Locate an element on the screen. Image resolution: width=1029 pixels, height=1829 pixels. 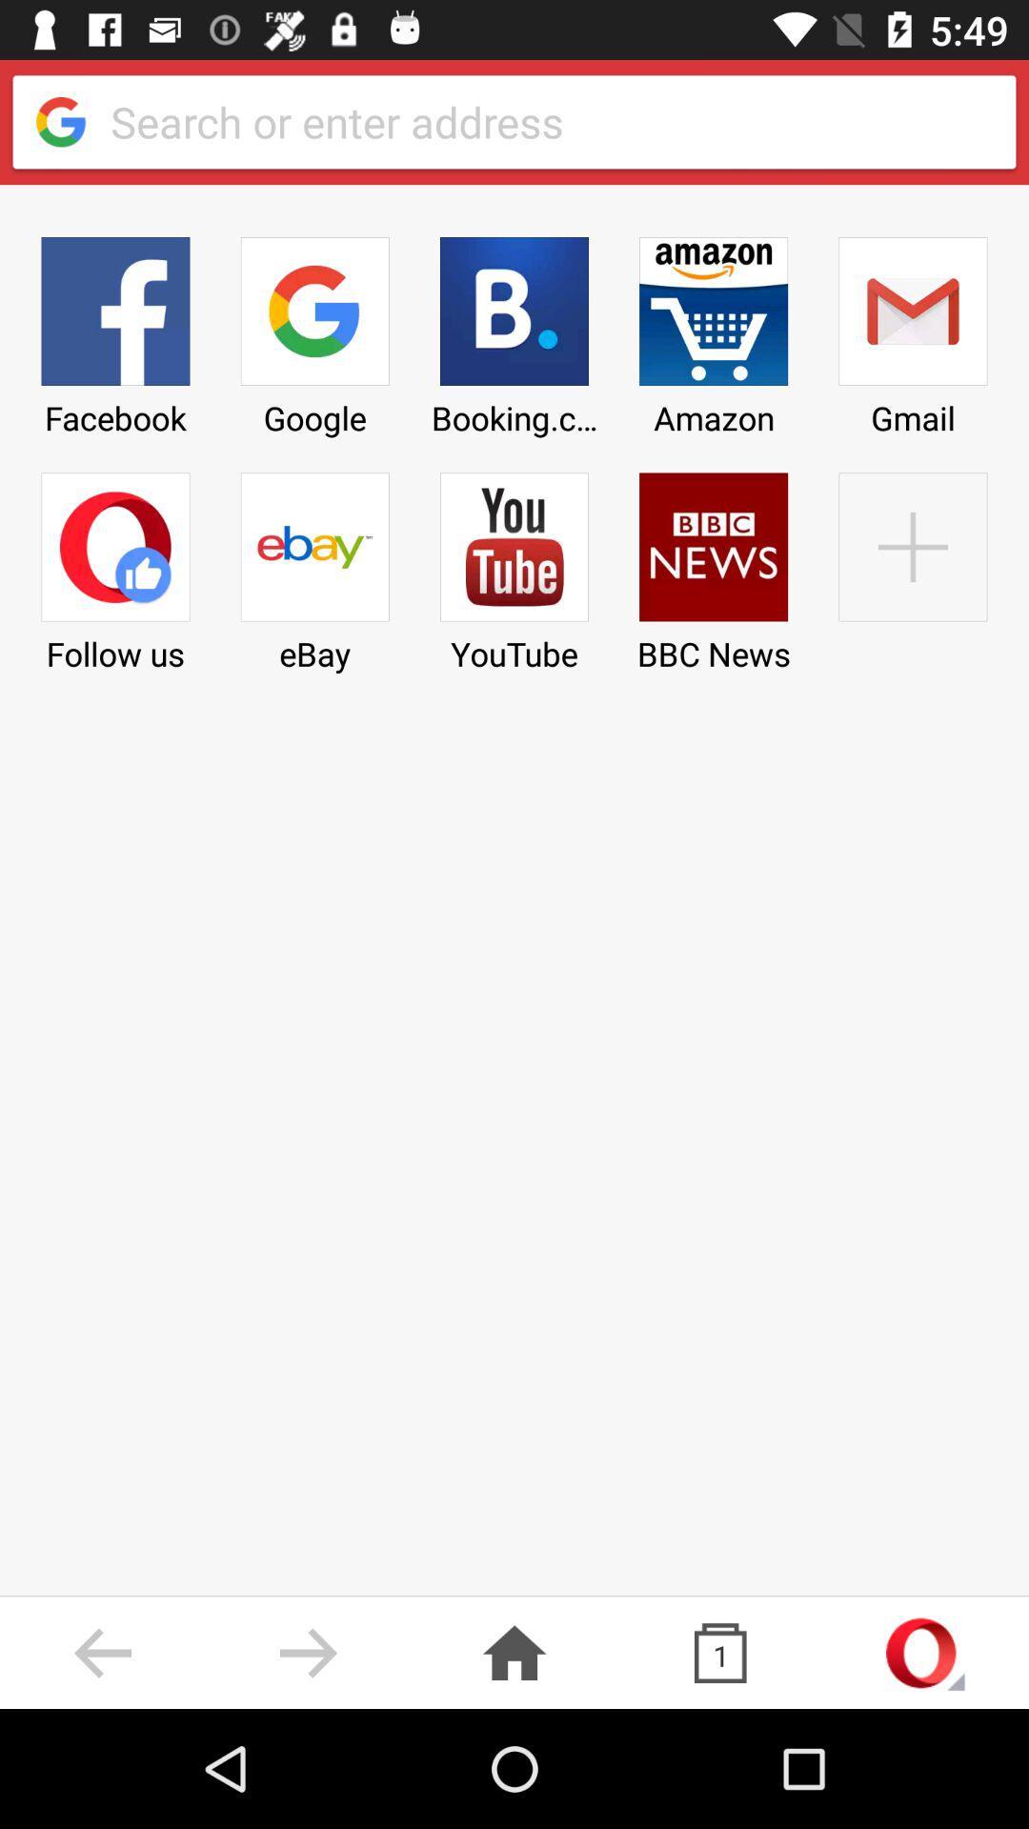
the ebay icon is located at coordinates (313, 565).